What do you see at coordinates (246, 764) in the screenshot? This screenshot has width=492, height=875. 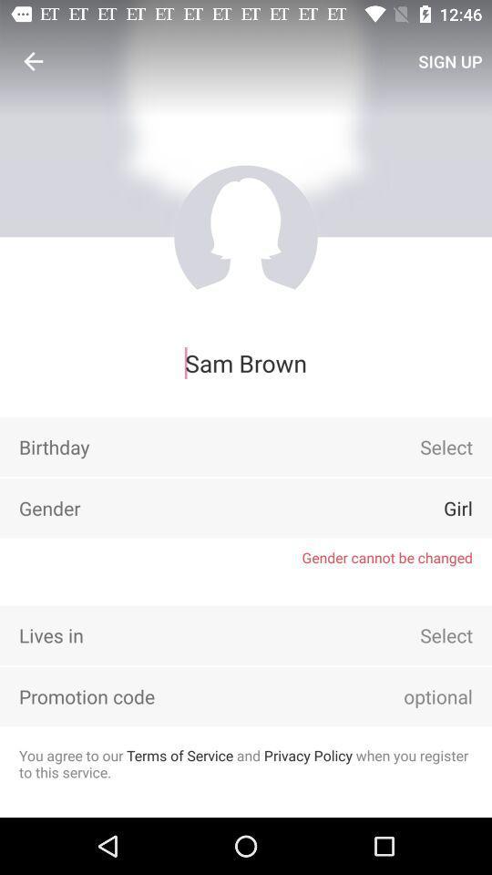 I see `the you agree to item` at bounding box center [246, 764].